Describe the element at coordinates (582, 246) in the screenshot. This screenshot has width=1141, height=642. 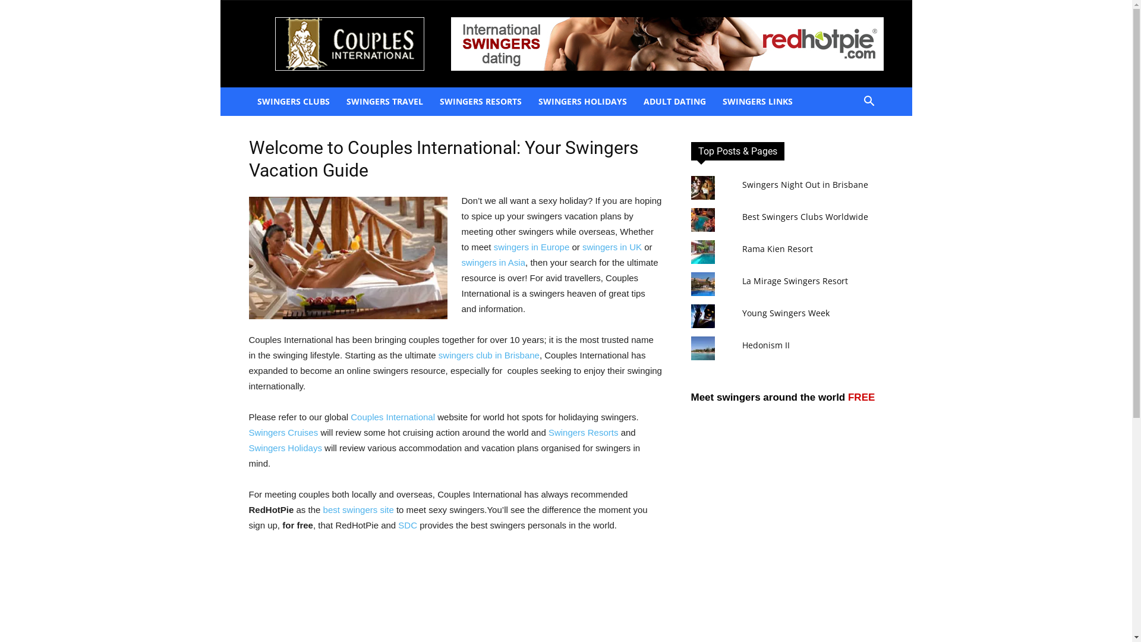
I see `'swingers in UK'` at that location.